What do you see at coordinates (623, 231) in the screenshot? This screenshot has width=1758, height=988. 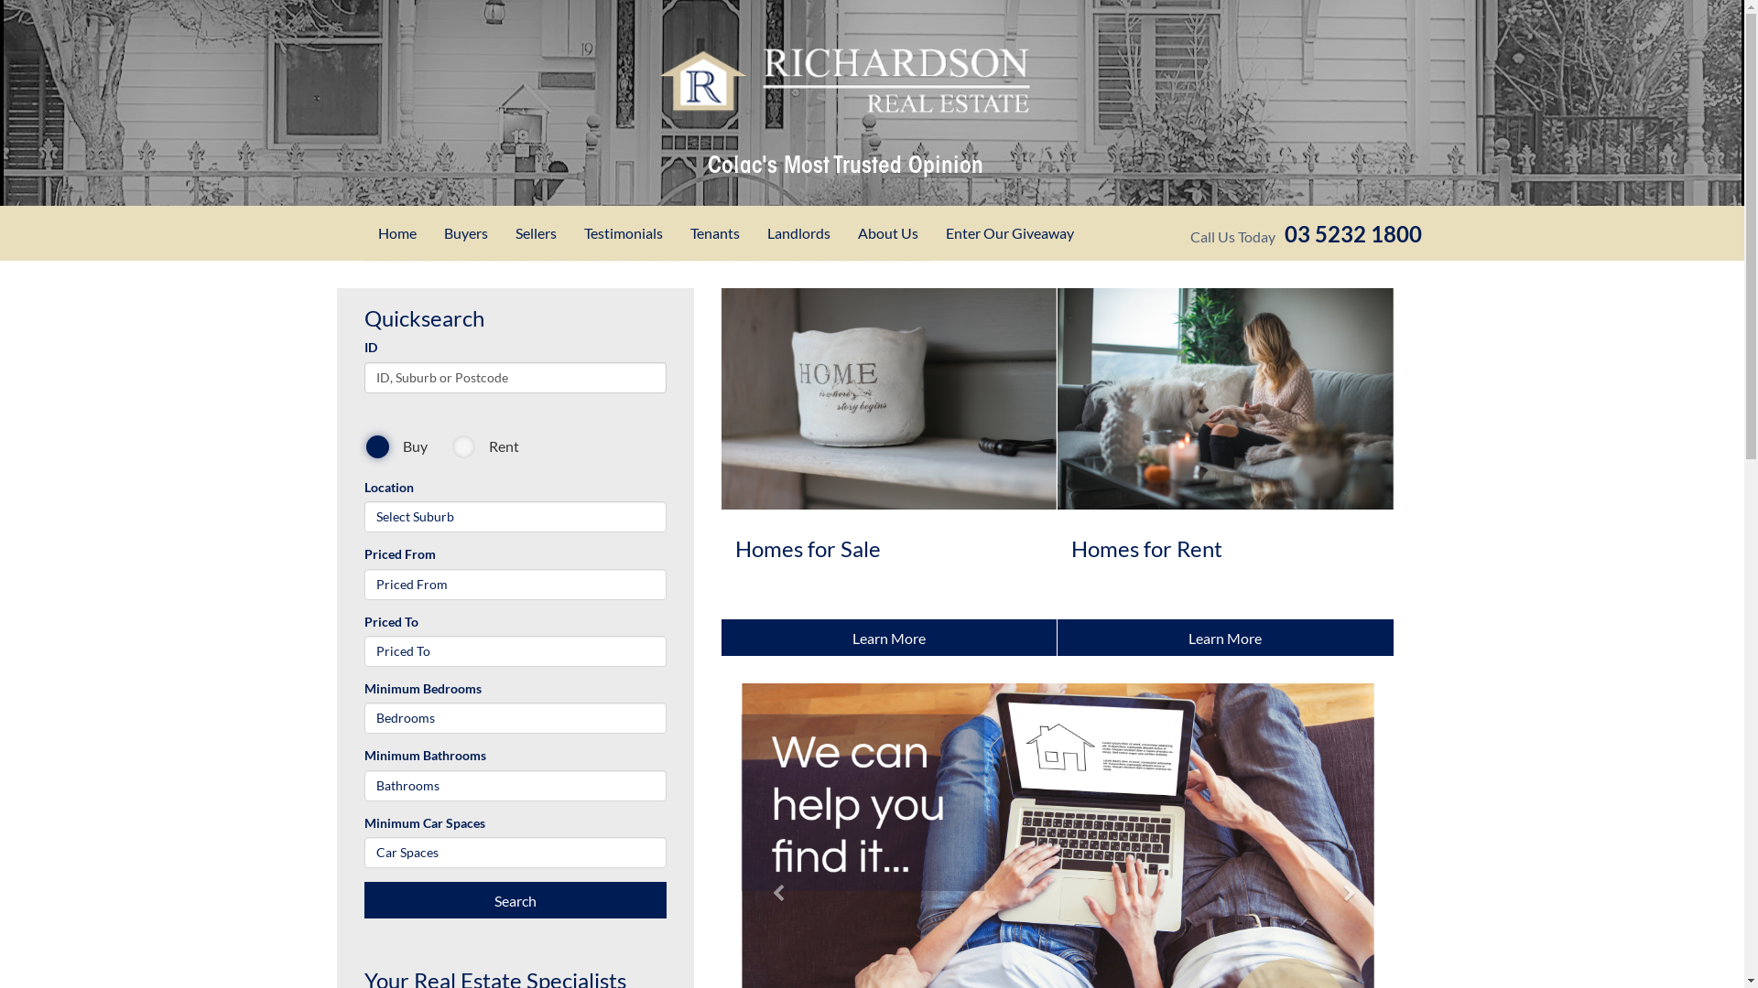 I see `'Testimonials'` at bounding box center [623, 231].